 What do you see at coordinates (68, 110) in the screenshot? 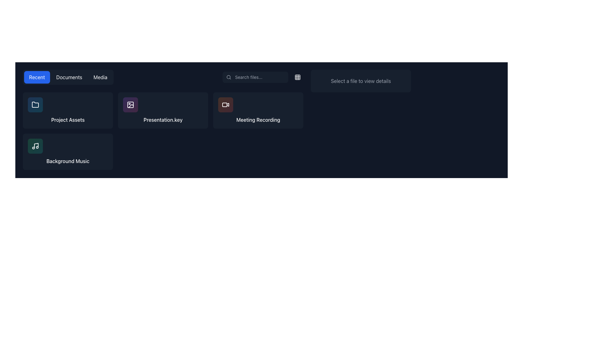
I see `the 'Project Assets' card, which is the first item in the grid layout, located in the top-left corner` at bounding box center [68, 110].